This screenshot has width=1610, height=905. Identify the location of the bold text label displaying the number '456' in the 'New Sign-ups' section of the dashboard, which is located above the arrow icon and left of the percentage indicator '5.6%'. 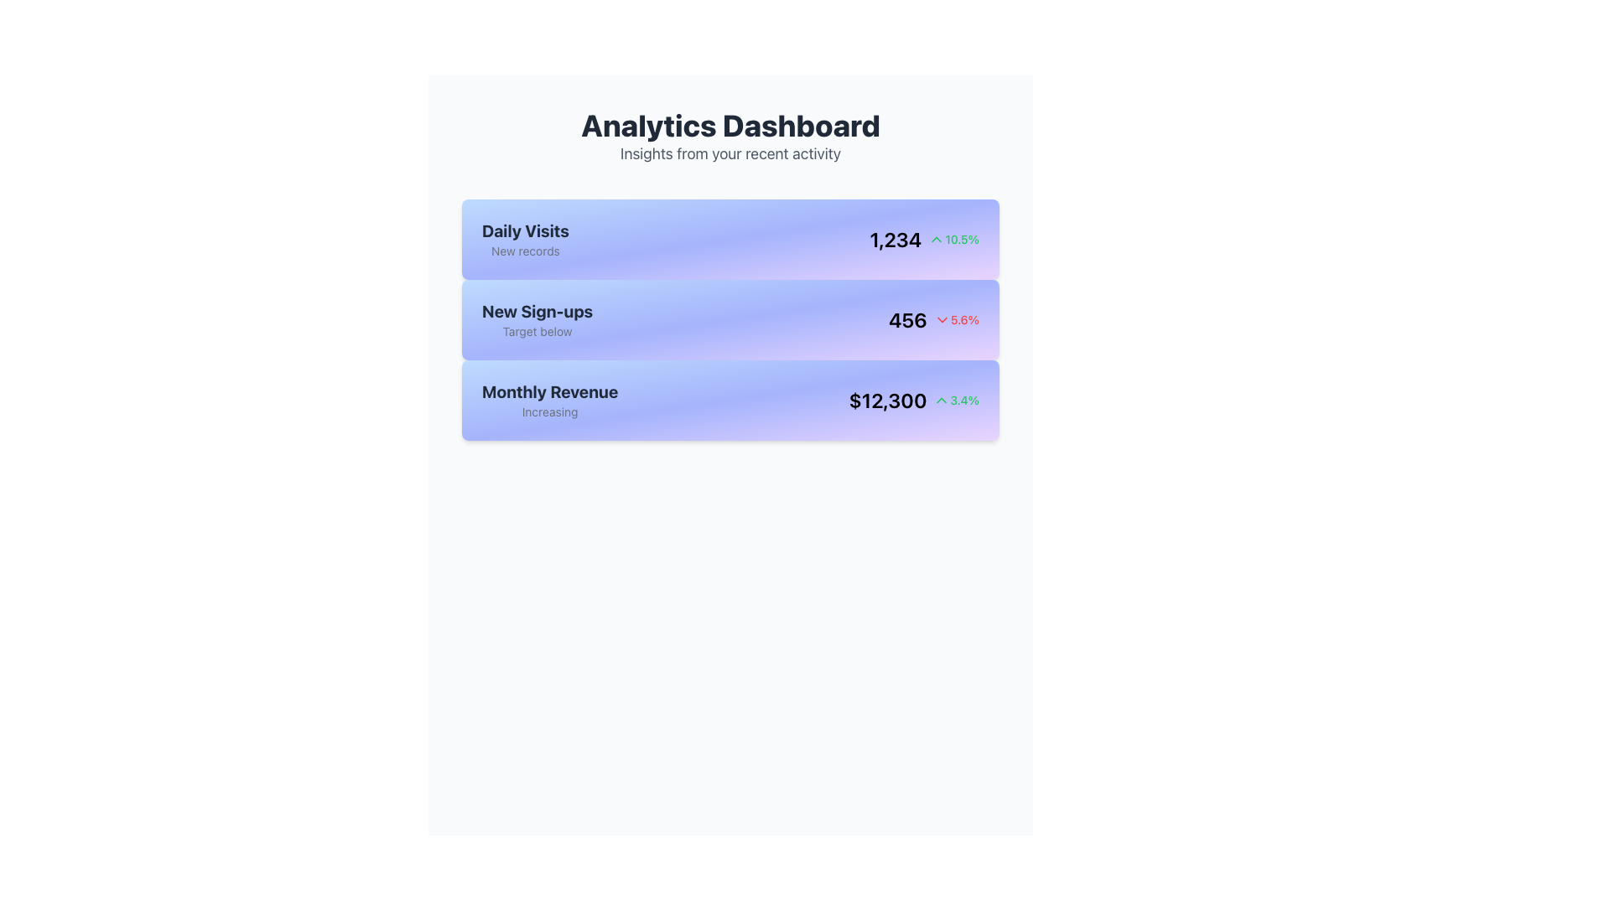
(906, 319).